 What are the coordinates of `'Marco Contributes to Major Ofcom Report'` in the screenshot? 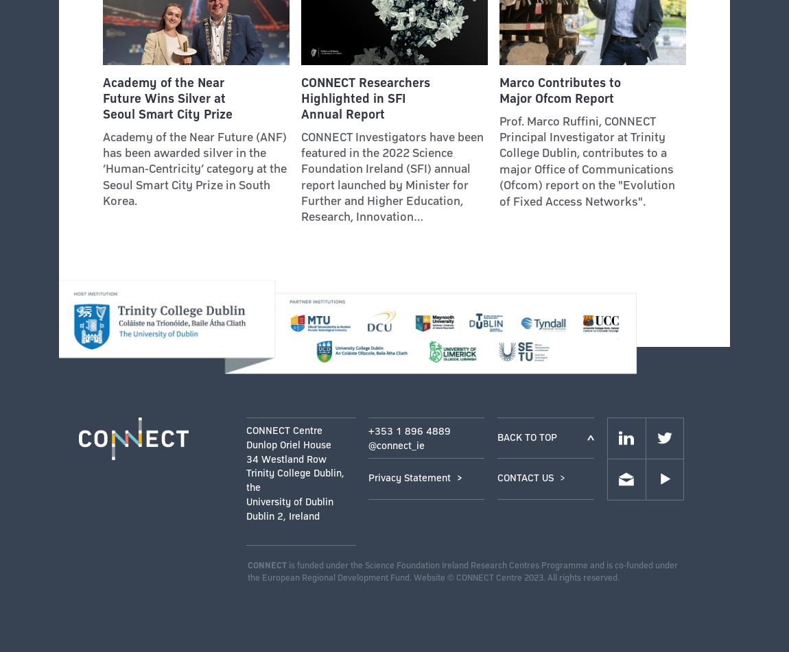 It's located at (559, 90).